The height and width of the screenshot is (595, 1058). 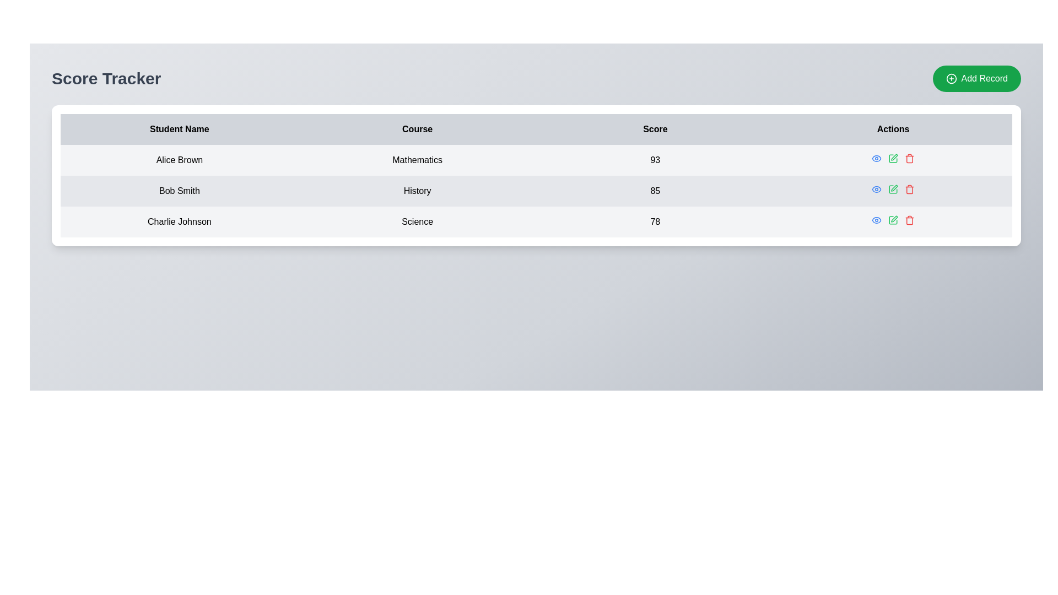 I want to click on the trash icon in the 'Actions' column of the third row, so click(x=910, y=159).